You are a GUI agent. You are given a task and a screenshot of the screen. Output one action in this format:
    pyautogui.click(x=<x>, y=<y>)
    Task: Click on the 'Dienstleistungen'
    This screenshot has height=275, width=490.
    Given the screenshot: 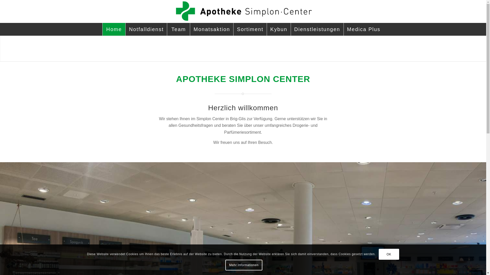 What is the action you would take?
    pyautogui.click(x=290, y=29)
    